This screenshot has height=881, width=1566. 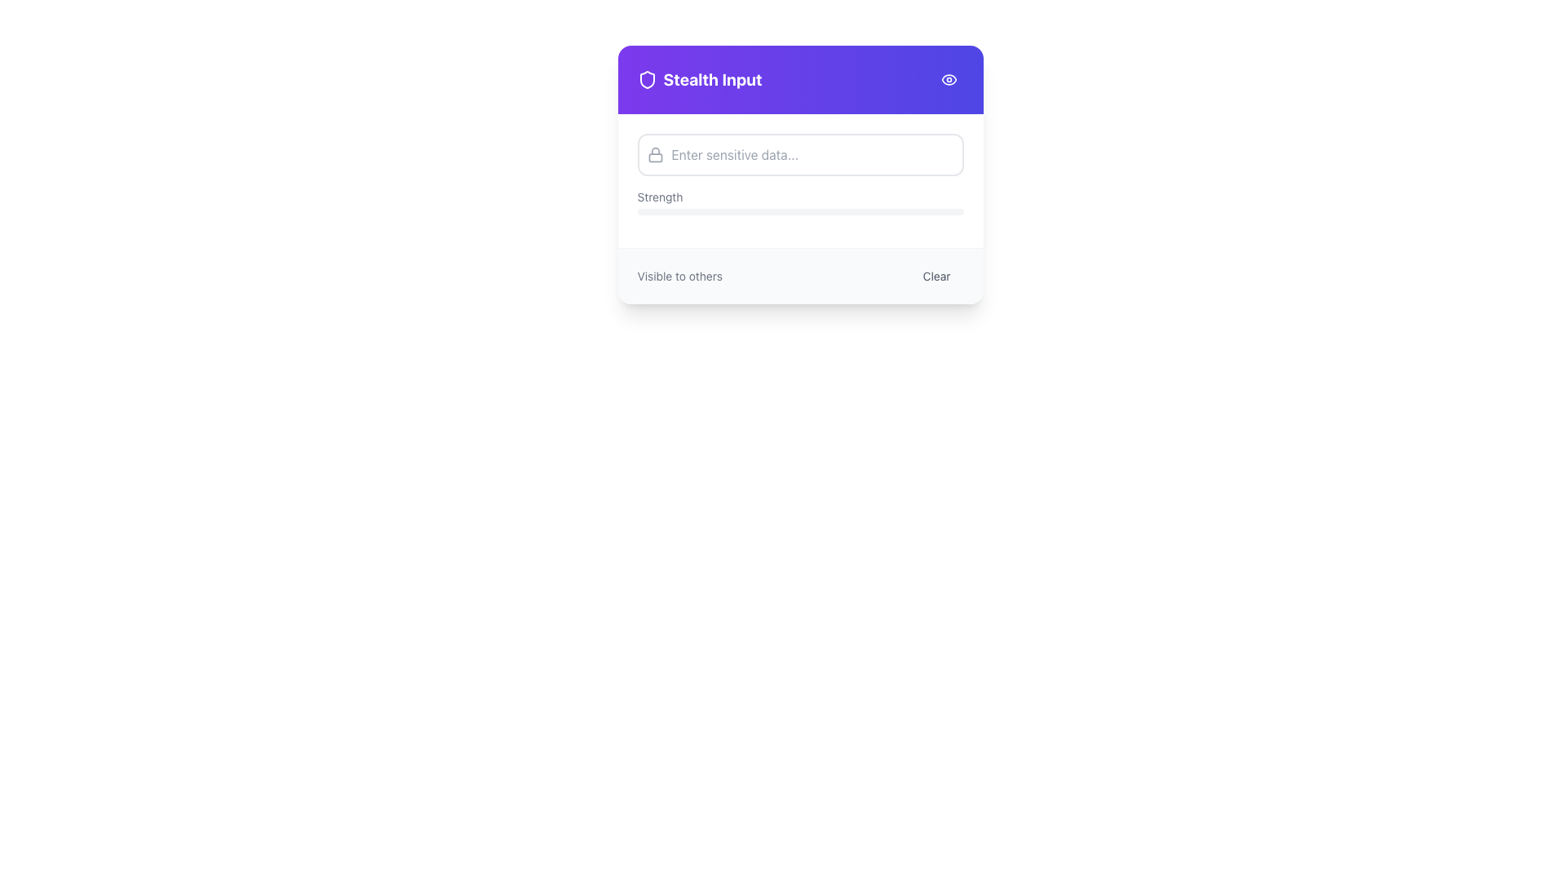 What do you see at coordinates (949, 79) in the screenshot?
I see `the button represented by a white eye icon on a purple background located on the far-right side of the header bar labeled 'Stealth Input'` at bounding box center [949, 79].